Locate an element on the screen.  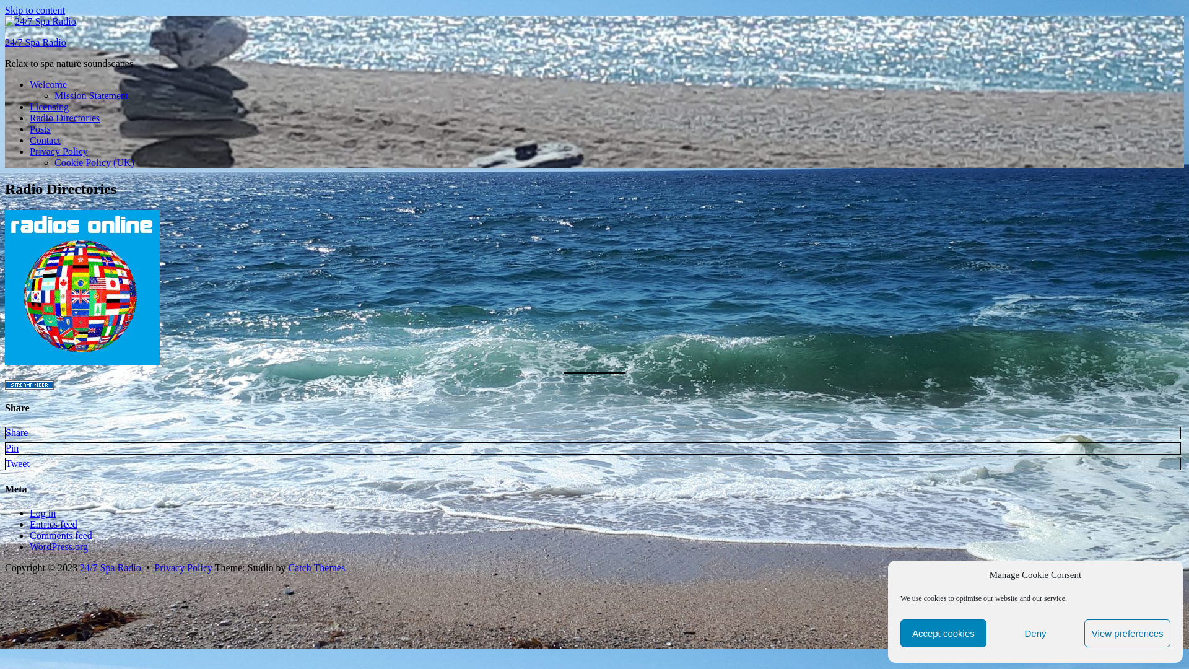
'Tweet' is located at coordinates (17, 463).